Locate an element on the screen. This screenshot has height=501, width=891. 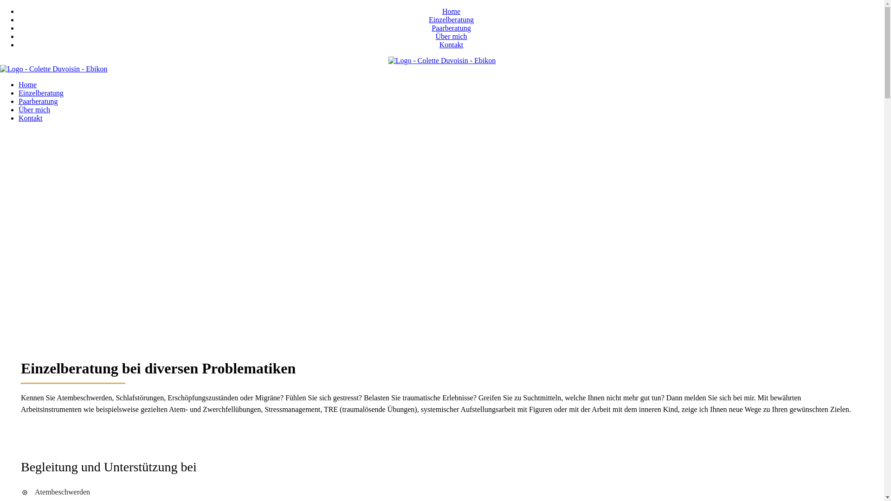
'Einzelberatung' is located at coordinates (18, 93).